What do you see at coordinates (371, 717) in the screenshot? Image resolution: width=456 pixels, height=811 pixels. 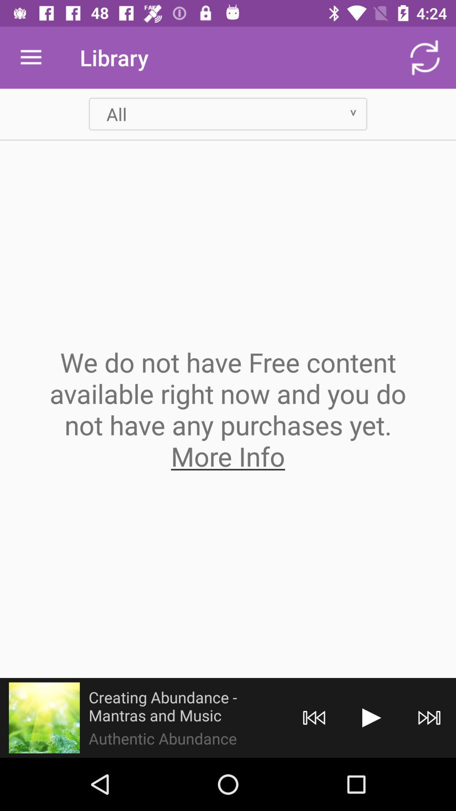 I see `the play icon` at bounding box center [371, 717].